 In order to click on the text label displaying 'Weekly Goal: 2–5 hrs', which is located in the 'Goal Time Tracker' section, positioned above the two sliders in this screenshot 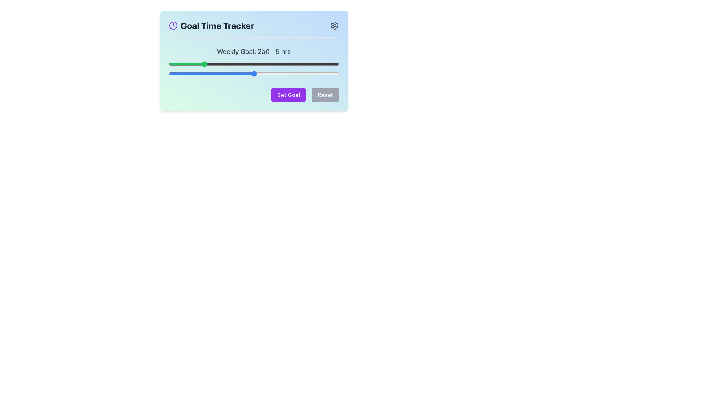, I will do `click(254, 51)`.